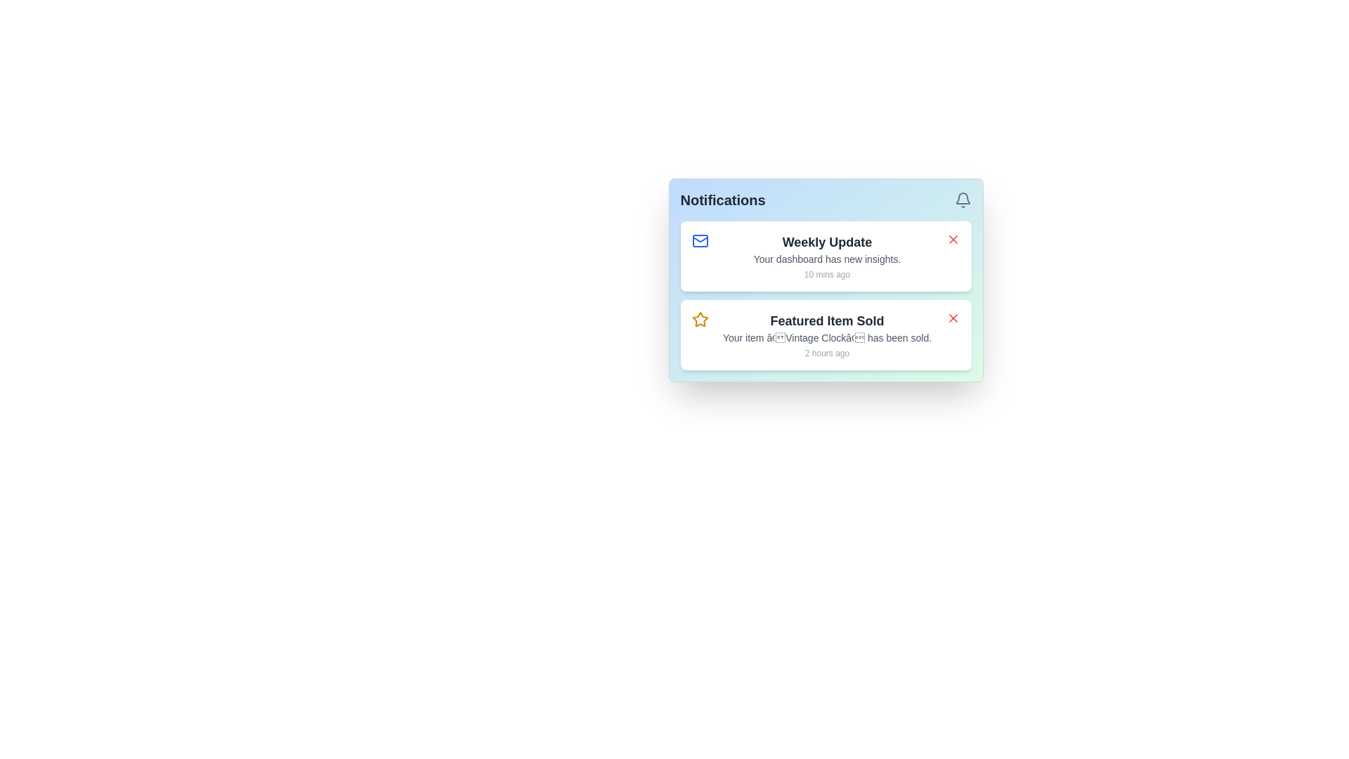  Describe the element at coordinates (953, 238) in the screenshot. I see `the close button located in the top-right corner of the 'Weekly Update' notification card` at that location.